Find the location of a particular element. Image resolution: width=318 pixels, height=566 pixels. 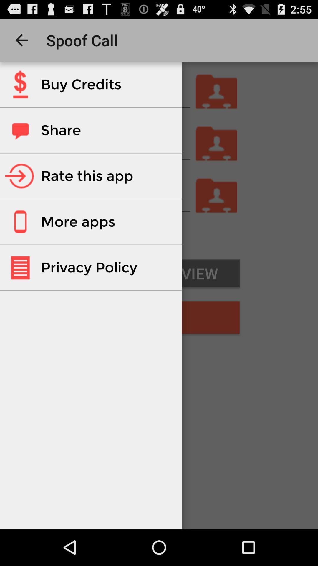

the folder icon is located at coordinates (216, 210).